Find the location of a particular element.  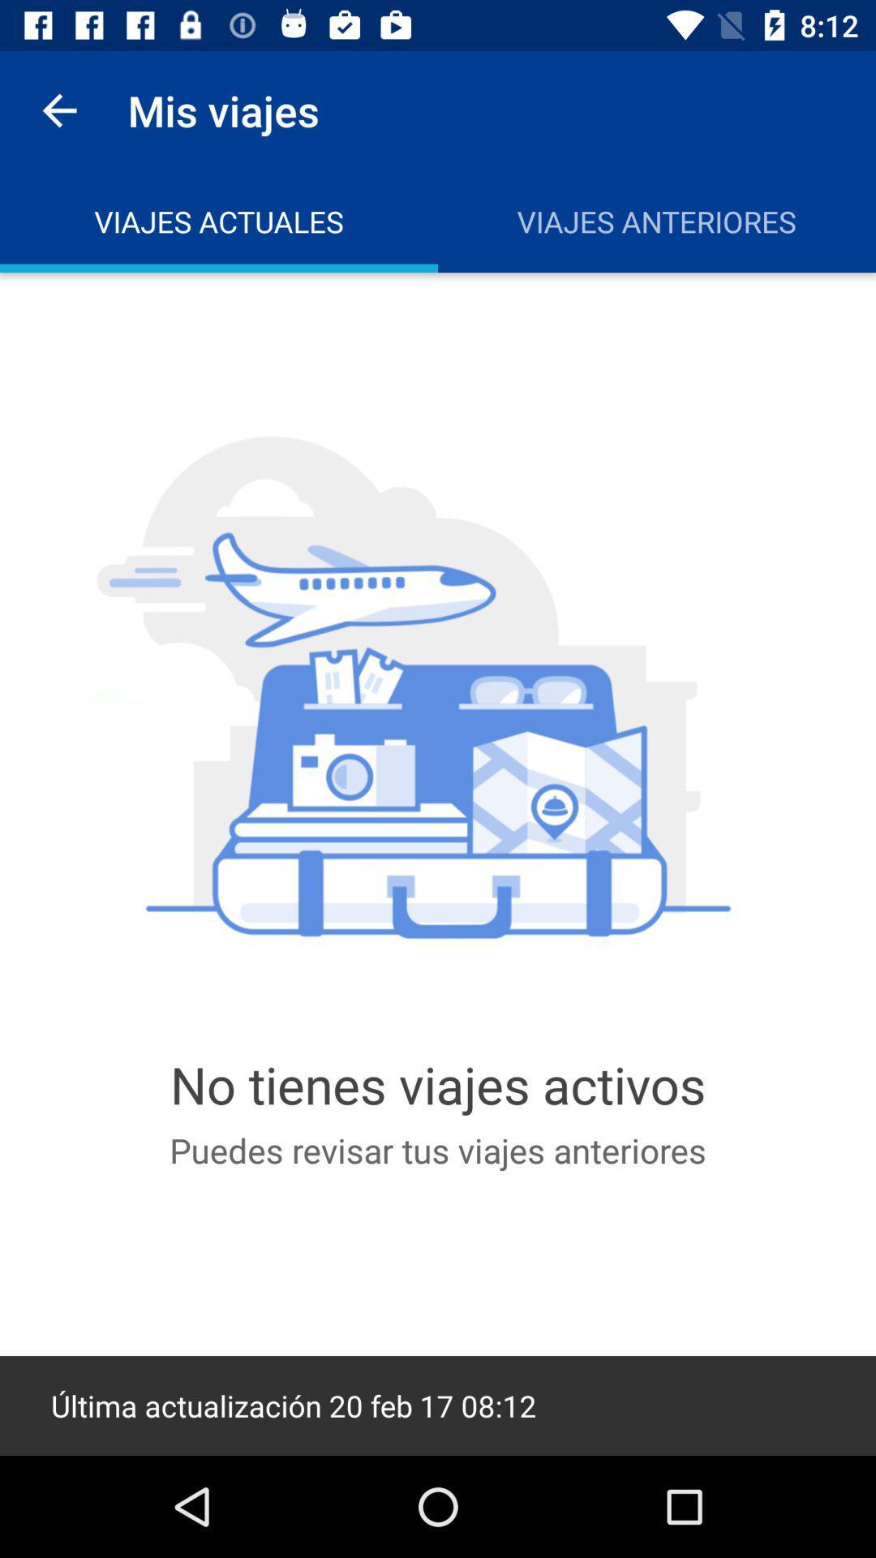

the icon to the left of mis viajes icon is located at coordinates (58, 110).